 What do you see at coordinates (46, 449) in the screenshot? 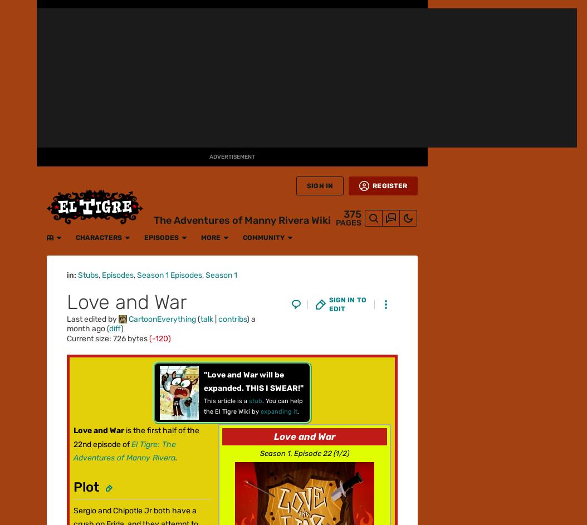
I see `'Overview'` at bounding box center [46, 449].